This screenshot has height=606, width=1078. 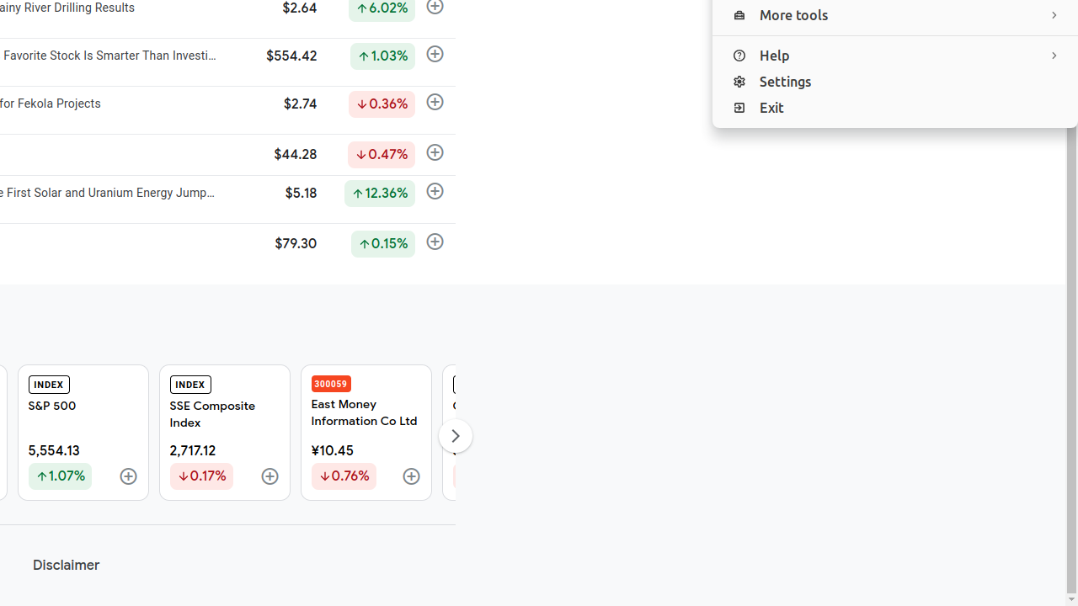 What do you see at coordinates (894, 55) in the screenshot?
I see `'Help'` at bounding box center [894, 55].